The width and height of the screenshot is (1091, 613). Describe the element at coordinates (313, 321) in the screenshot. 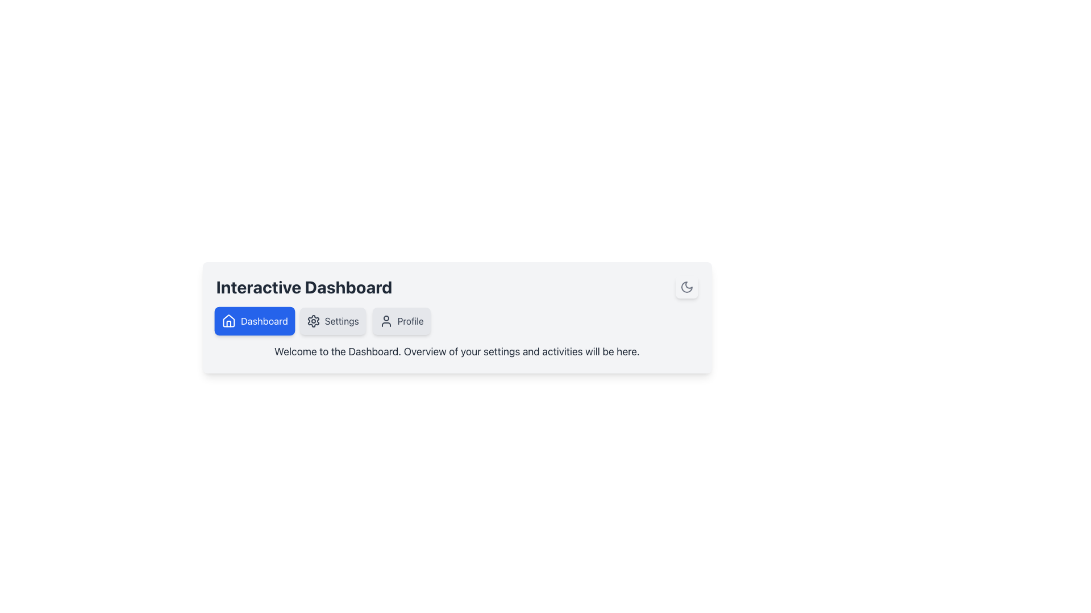

I see `the settings icon, which is a gear-shaped icon with a circular outline and cog-like teeth, located within the 'Settings' button in the navigation bar below the main heading` at that location.